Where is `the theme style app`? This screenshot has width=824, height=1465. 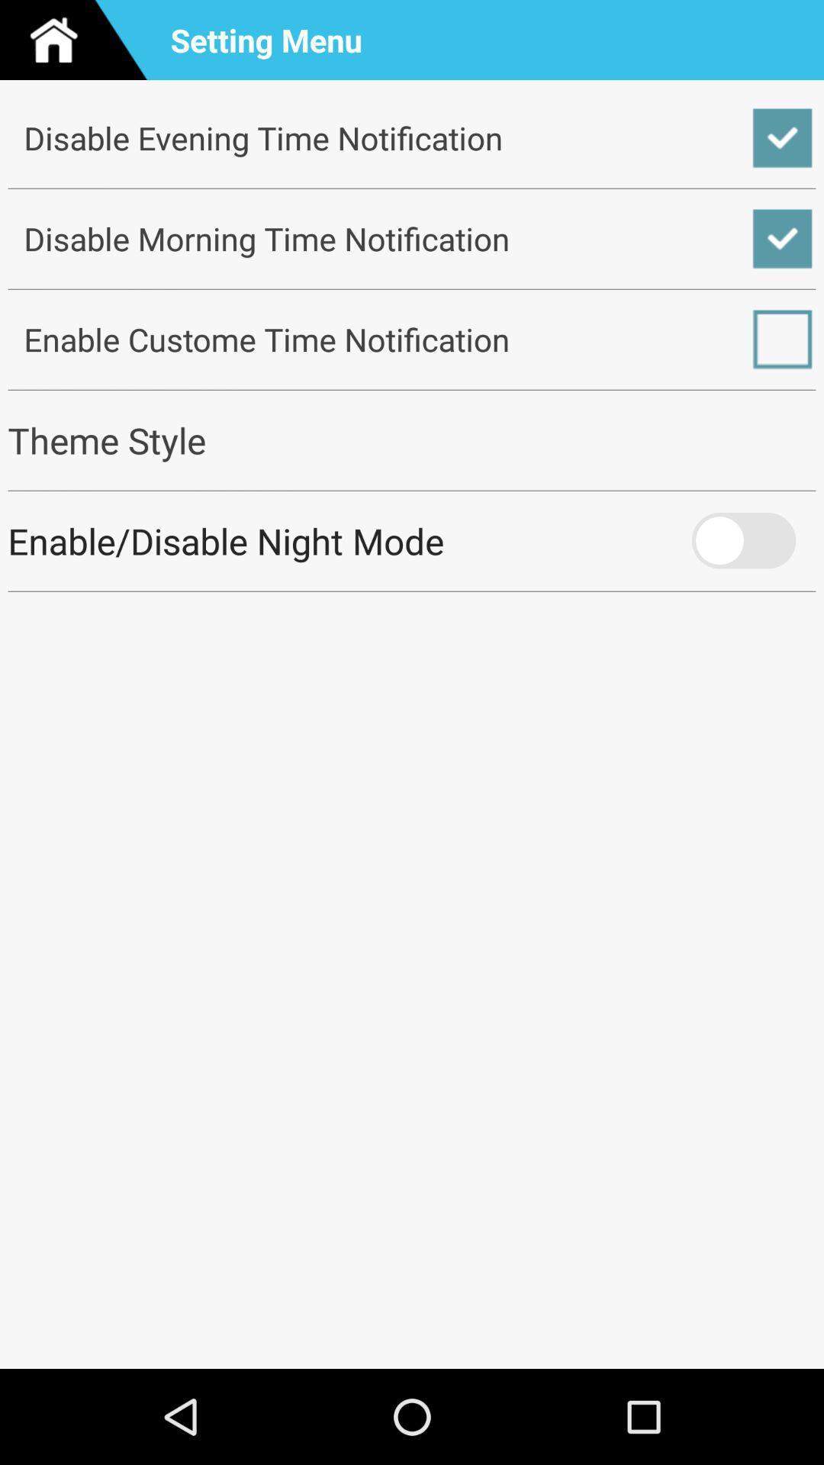
the theme style app is located at coordinates (412, 439).